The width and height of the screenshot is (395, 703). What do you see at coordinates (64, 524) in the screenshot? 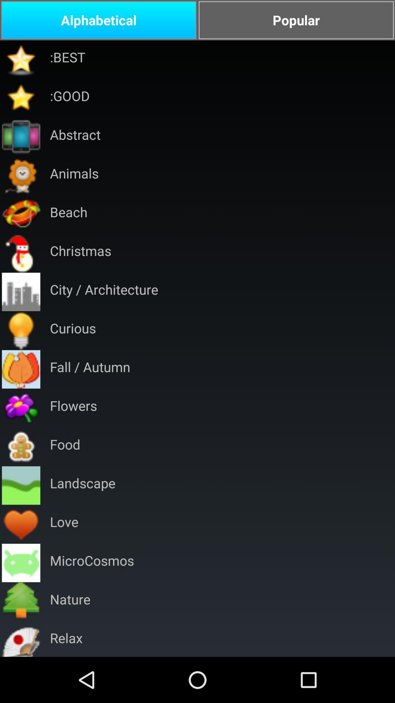
I see `the love app` at bounding box center [64, 524].